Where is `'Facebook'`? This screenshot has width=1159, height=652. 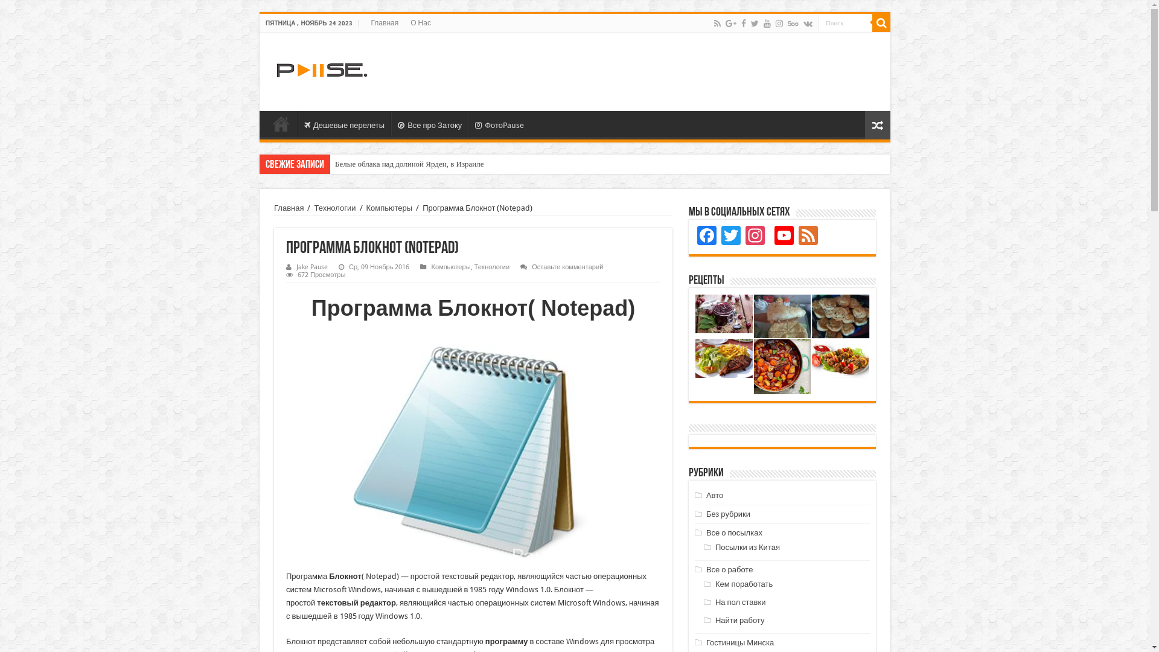
'Facebook' is located at coordinates (707, 237).